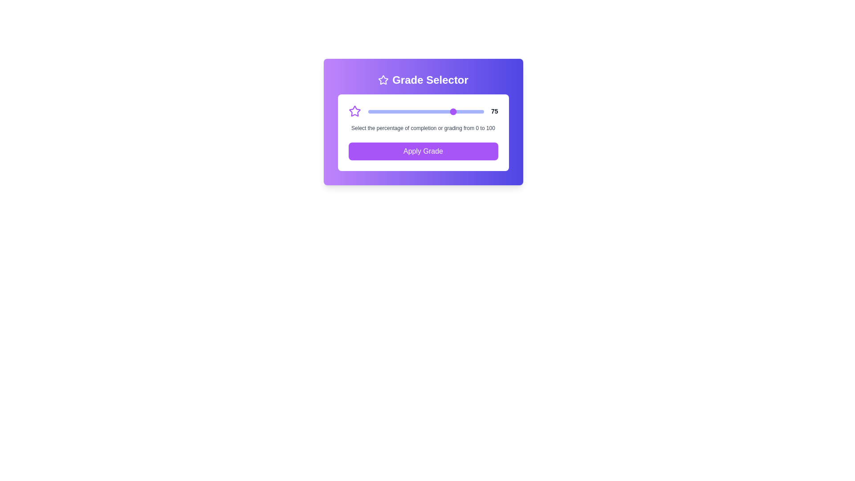  I want to click on the slider's value, so click(370, 111).